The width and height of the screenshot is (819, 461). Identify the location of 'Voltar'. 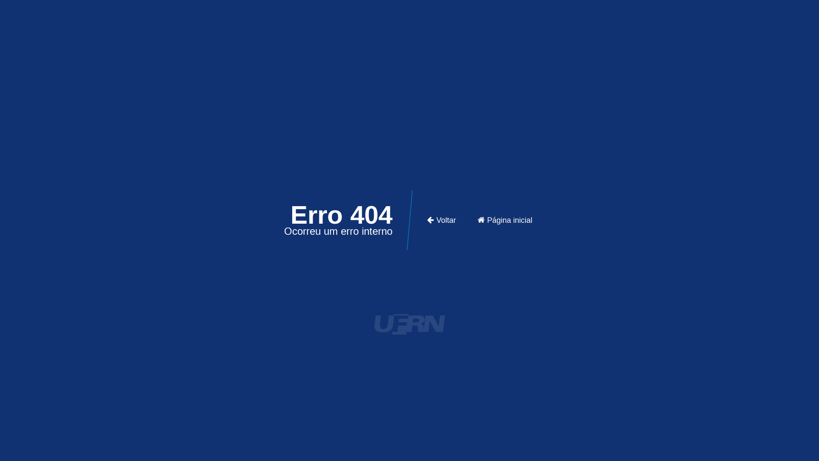
(426, 220).